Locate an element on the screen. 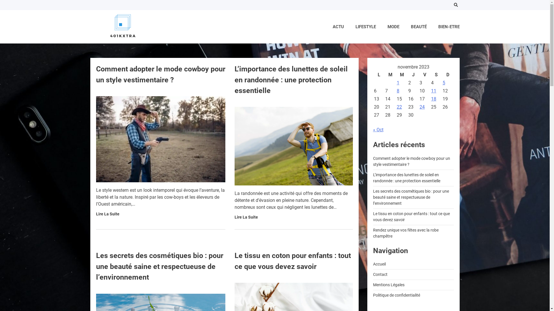 The image size is (554, 311). '5' is located at coordinates (442, 83).